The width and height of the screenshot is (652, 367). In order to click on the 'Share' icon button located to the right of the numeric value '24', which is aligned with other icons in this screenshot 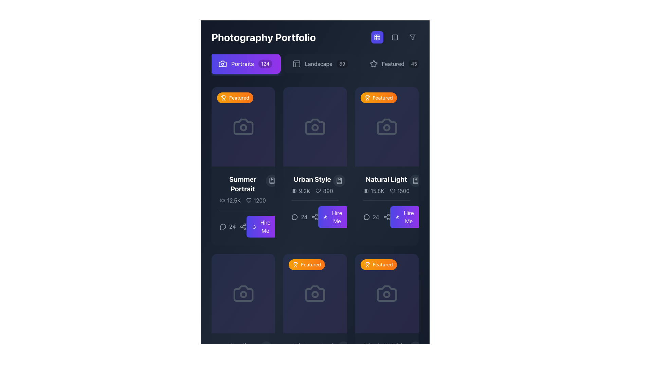, I will do `click(243, 227)`.